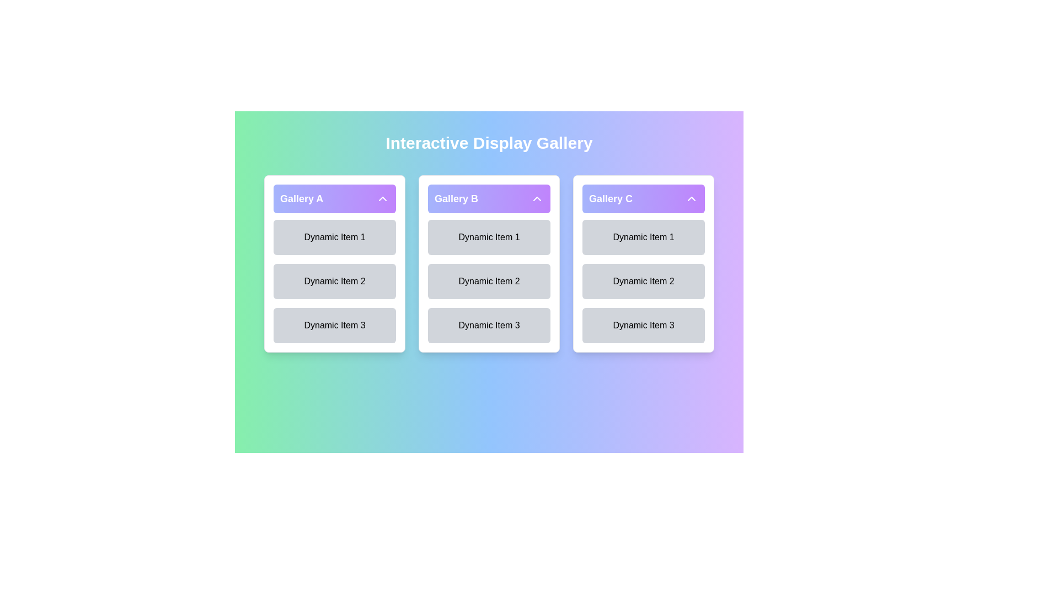 The height and width of the screenshot is (595, 1059). I want to click on the static text display labeled 'Dynamic Item 1', which has a gray background and is the first item in the list under 'Gallery C', so click(643, 237).